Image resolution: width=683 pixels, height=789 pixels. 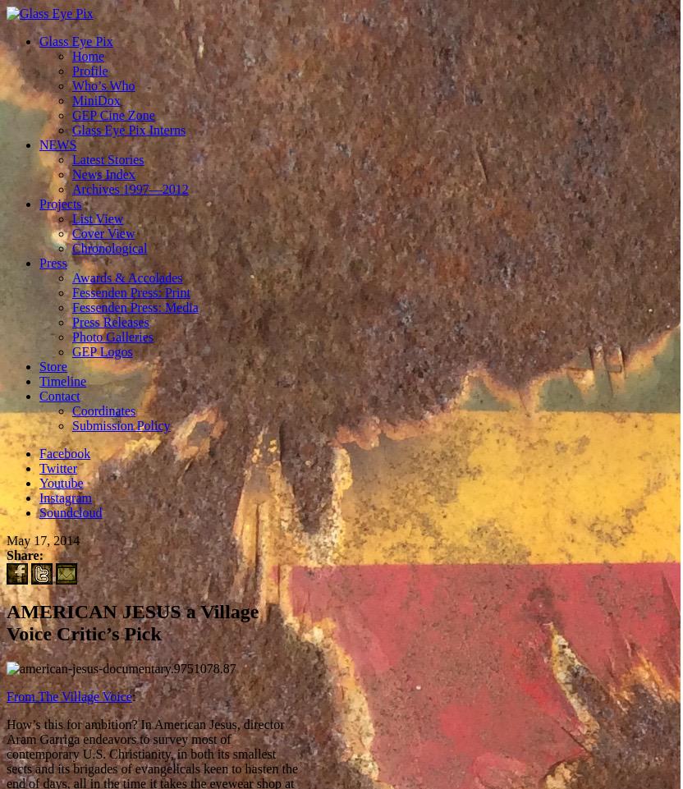 What do you see at coordinates (39, 452) in the screenshot?
I see `'Facebook'` at bounding box center [39, 452].